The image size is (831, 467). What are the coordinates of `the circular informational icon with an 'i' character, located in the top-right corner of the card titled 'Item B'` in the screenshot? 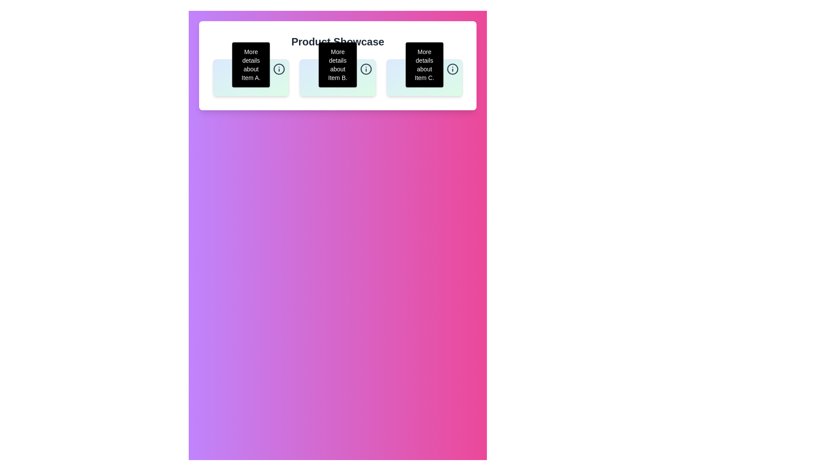 It's located at (366, 68).